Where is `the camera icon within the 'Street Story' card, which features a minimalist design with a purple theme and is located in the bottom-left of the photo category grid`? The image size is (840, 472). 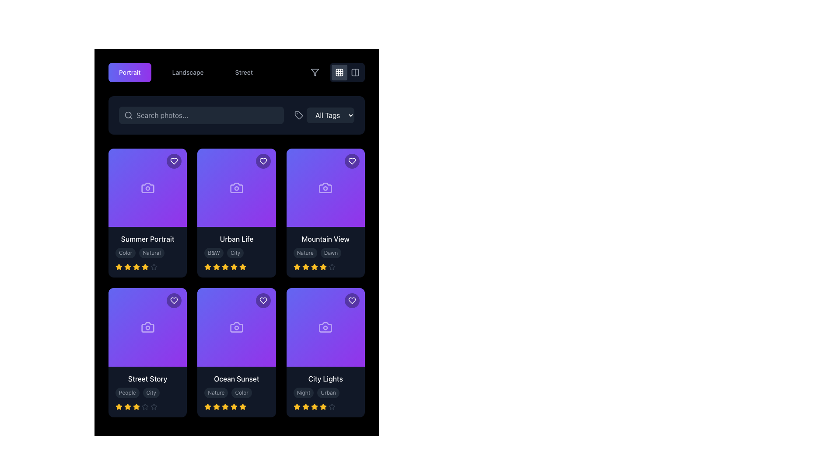 the camera icon within the 'Street Story' card, which features a minimalist design with a purple theme and is located in the bottom-left of the photo category grid is located at coordinates (147, 327).